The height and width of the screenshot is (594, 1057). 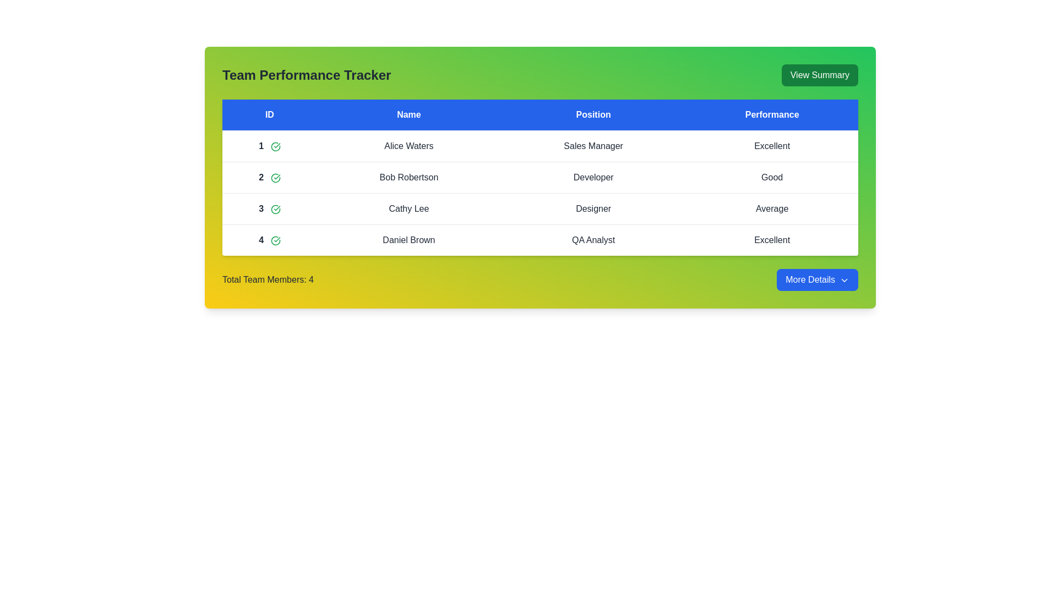 What do you see at coordinates (820, 75) in the screenshot?
I see `'View Summary' button to view the summary` at bounding box center [820, 75].